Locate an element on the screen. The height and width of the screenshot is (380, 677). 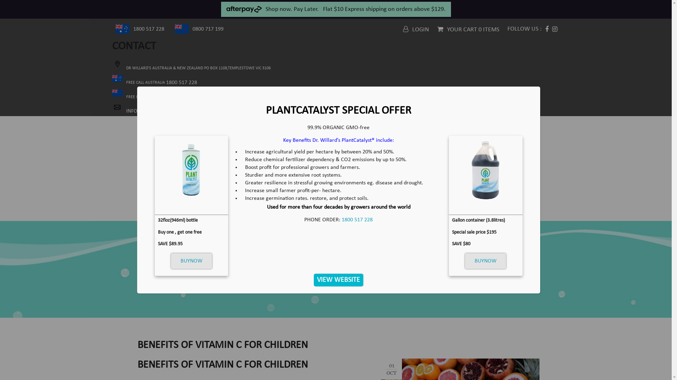
'INFO@DRWILLARD.COM.AU' is located at coordinates (152, 111).